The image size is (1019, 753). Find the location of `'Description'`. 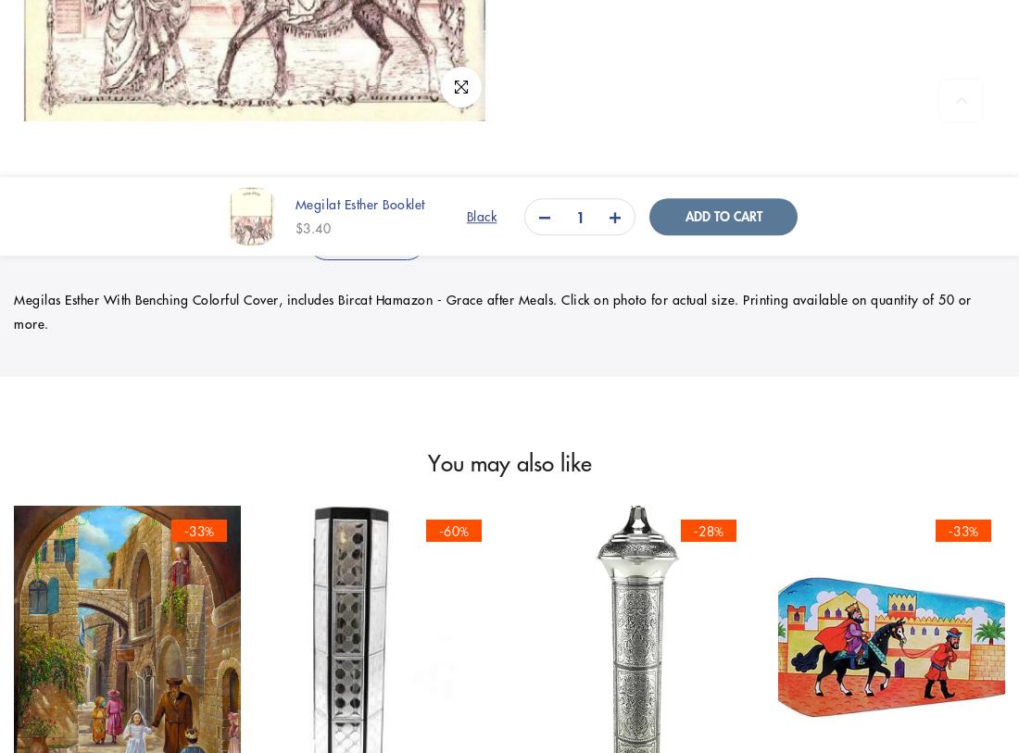

'Description' is located at coordinates (366, 240).